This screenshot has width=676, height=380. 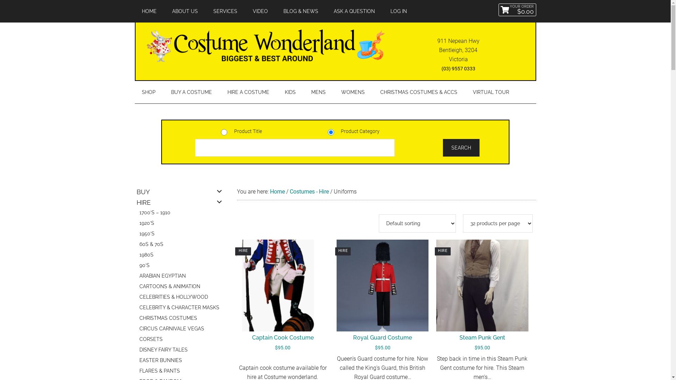 What do you see at coordinates (134, 92) in the screenshot?
I see `'SHOP'` at bounding box center [134, 92].